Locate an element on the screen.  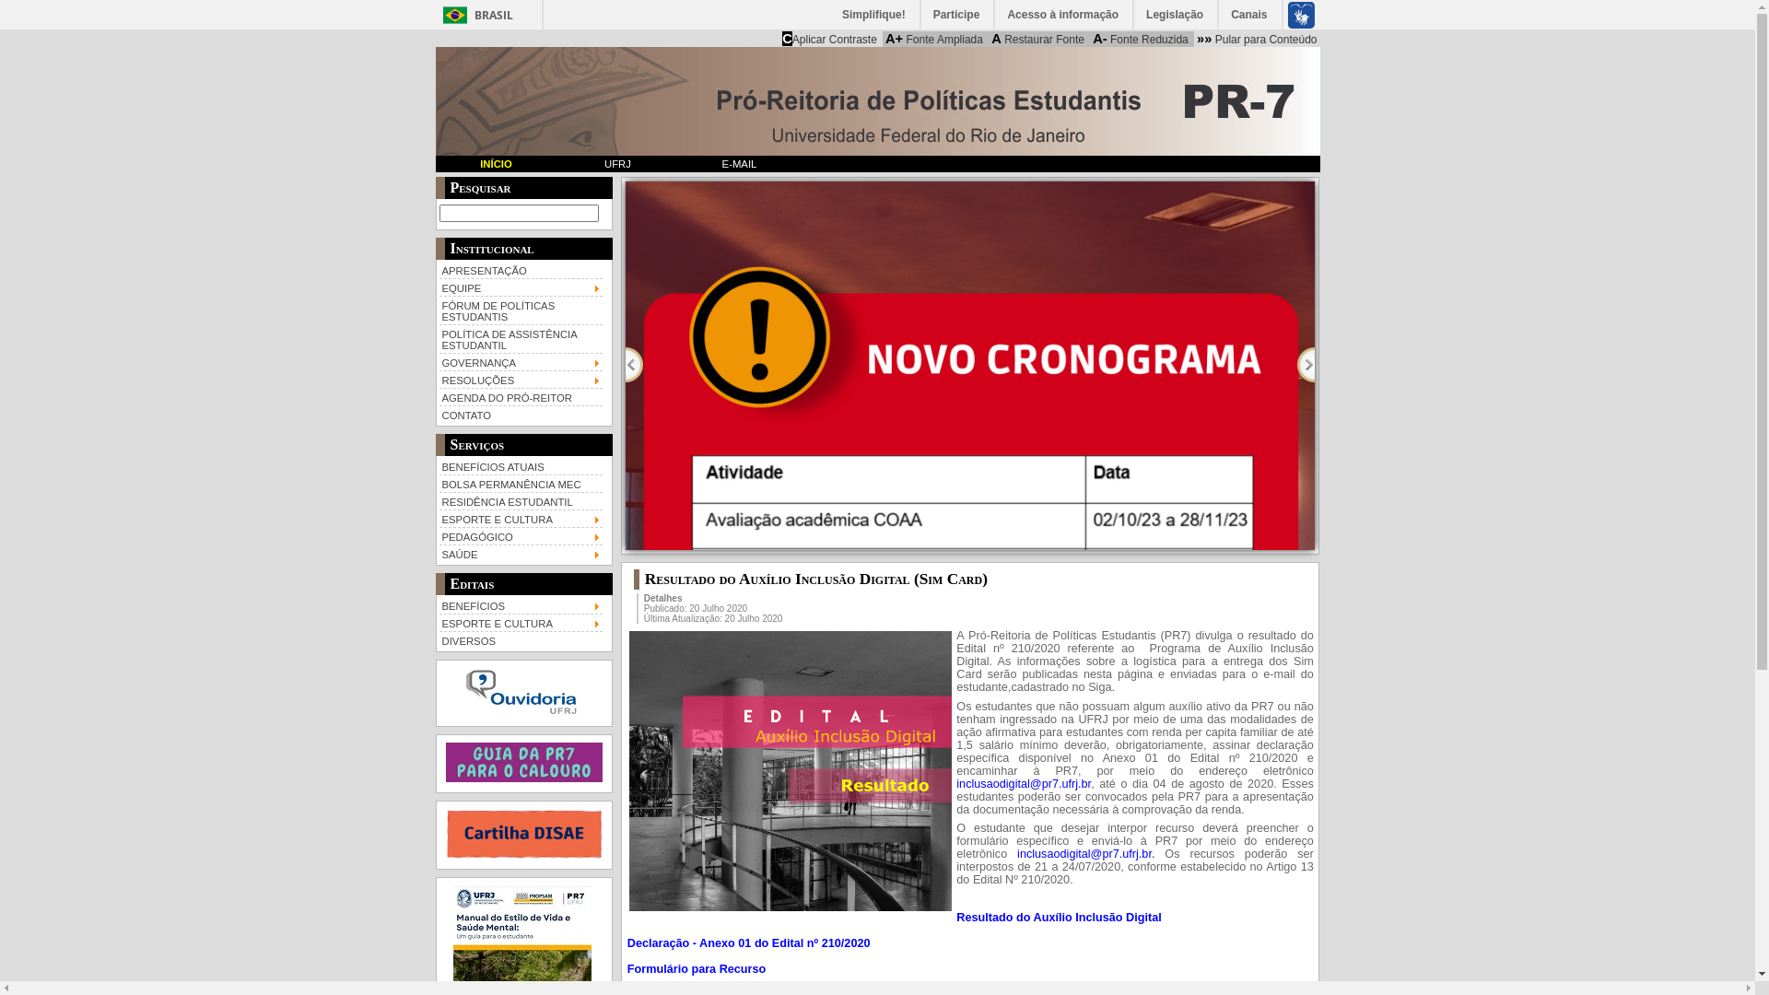
'inclusaodigital@pr7.ufrj.br.' is located at coordinates (1085, 853).